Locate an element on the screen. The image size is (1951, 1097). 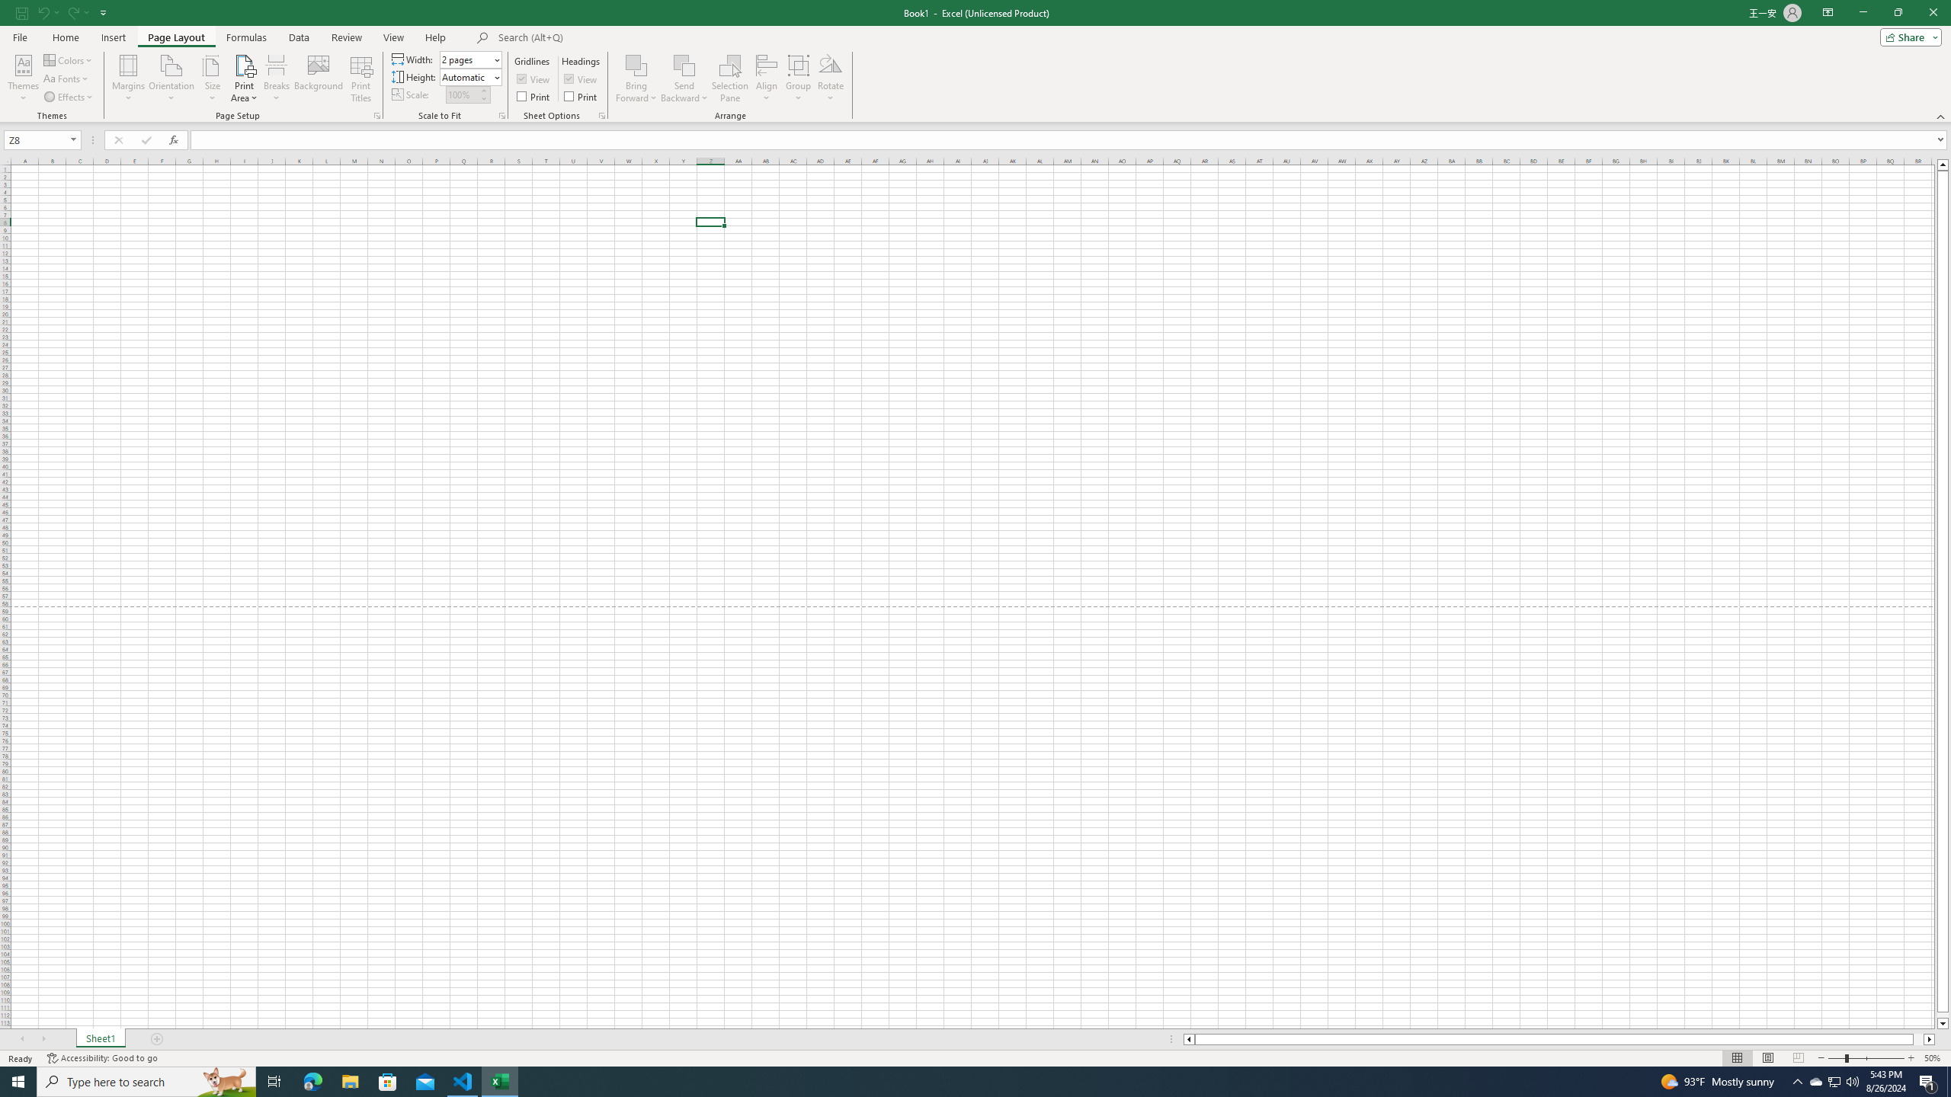
'Width' is located at coordinates (466, 59).